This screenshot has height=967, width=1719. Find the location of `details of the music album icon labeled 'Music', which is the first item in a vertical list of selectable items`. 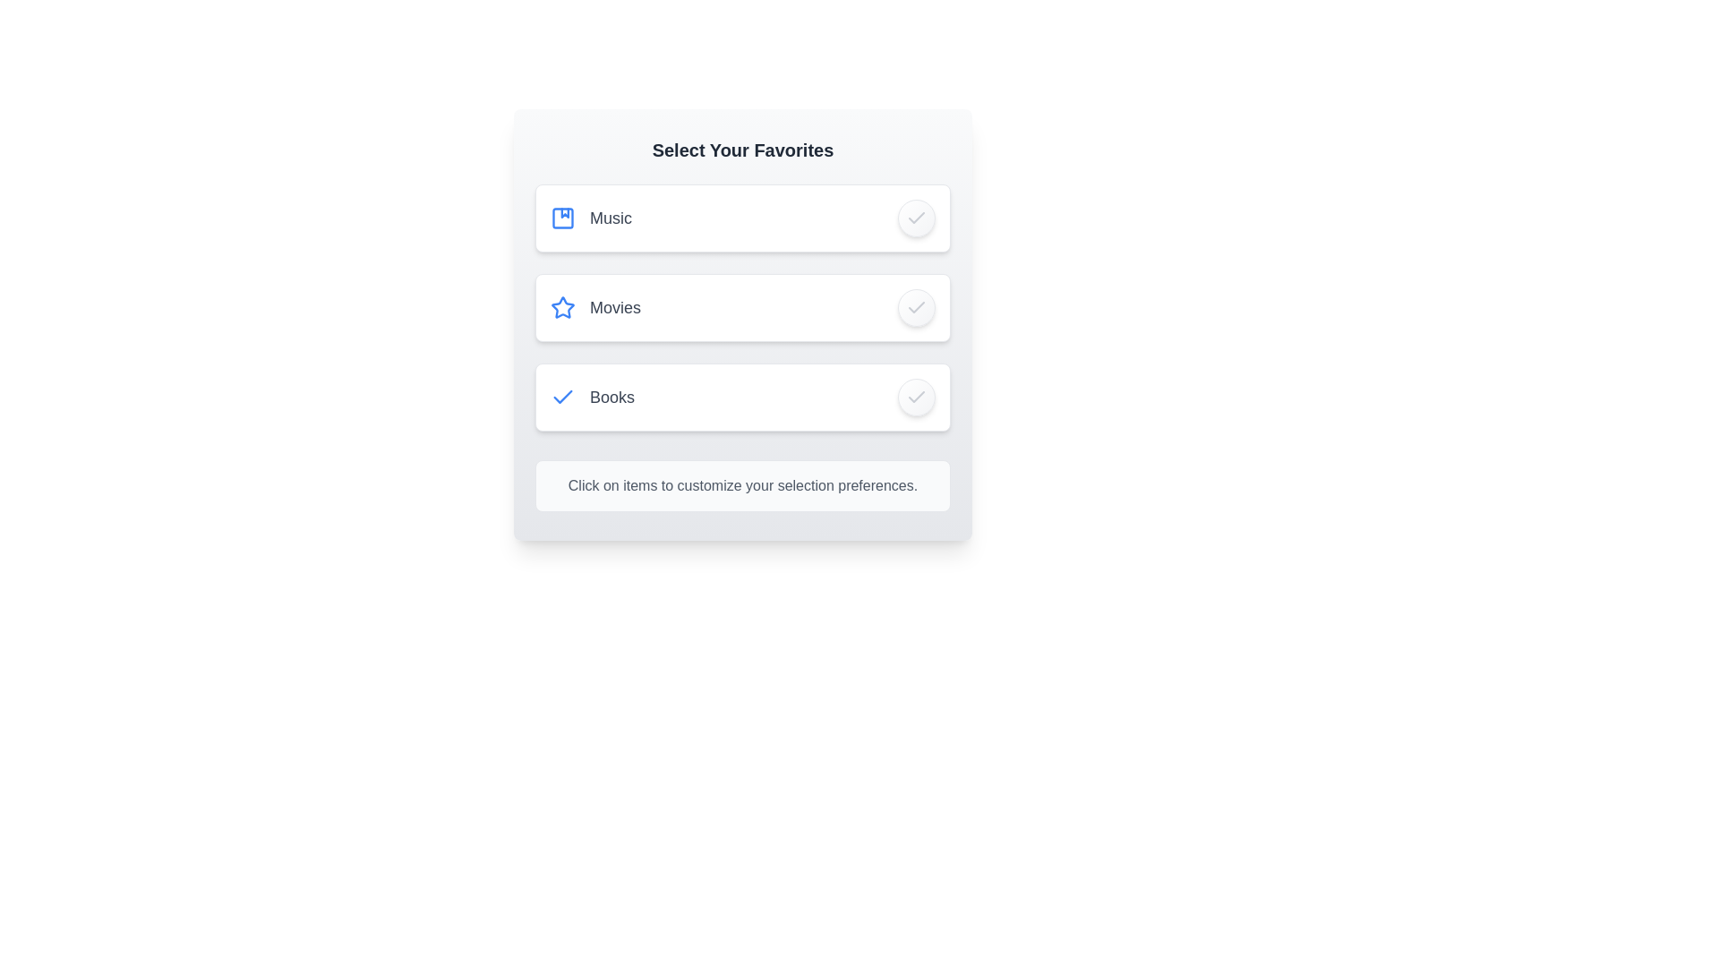

details of the music album icon labeled 'Music', which is the first item in a vertical list of selectable items is located at coordinates (591, 217).